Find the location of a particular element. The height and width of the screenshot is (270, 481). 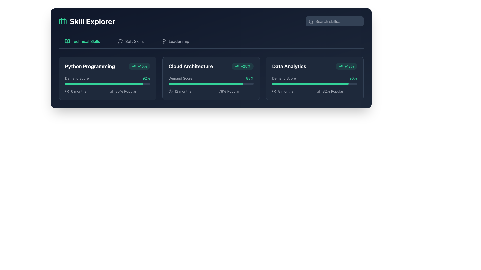

the 'Soft Skills' button in the navigation bar is located at coordinates (131, 41).